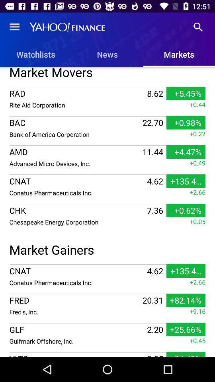  Describe the element at coordinates (77, 329) in the screenshot. I see `item to the left of 2.20 item` at that location.